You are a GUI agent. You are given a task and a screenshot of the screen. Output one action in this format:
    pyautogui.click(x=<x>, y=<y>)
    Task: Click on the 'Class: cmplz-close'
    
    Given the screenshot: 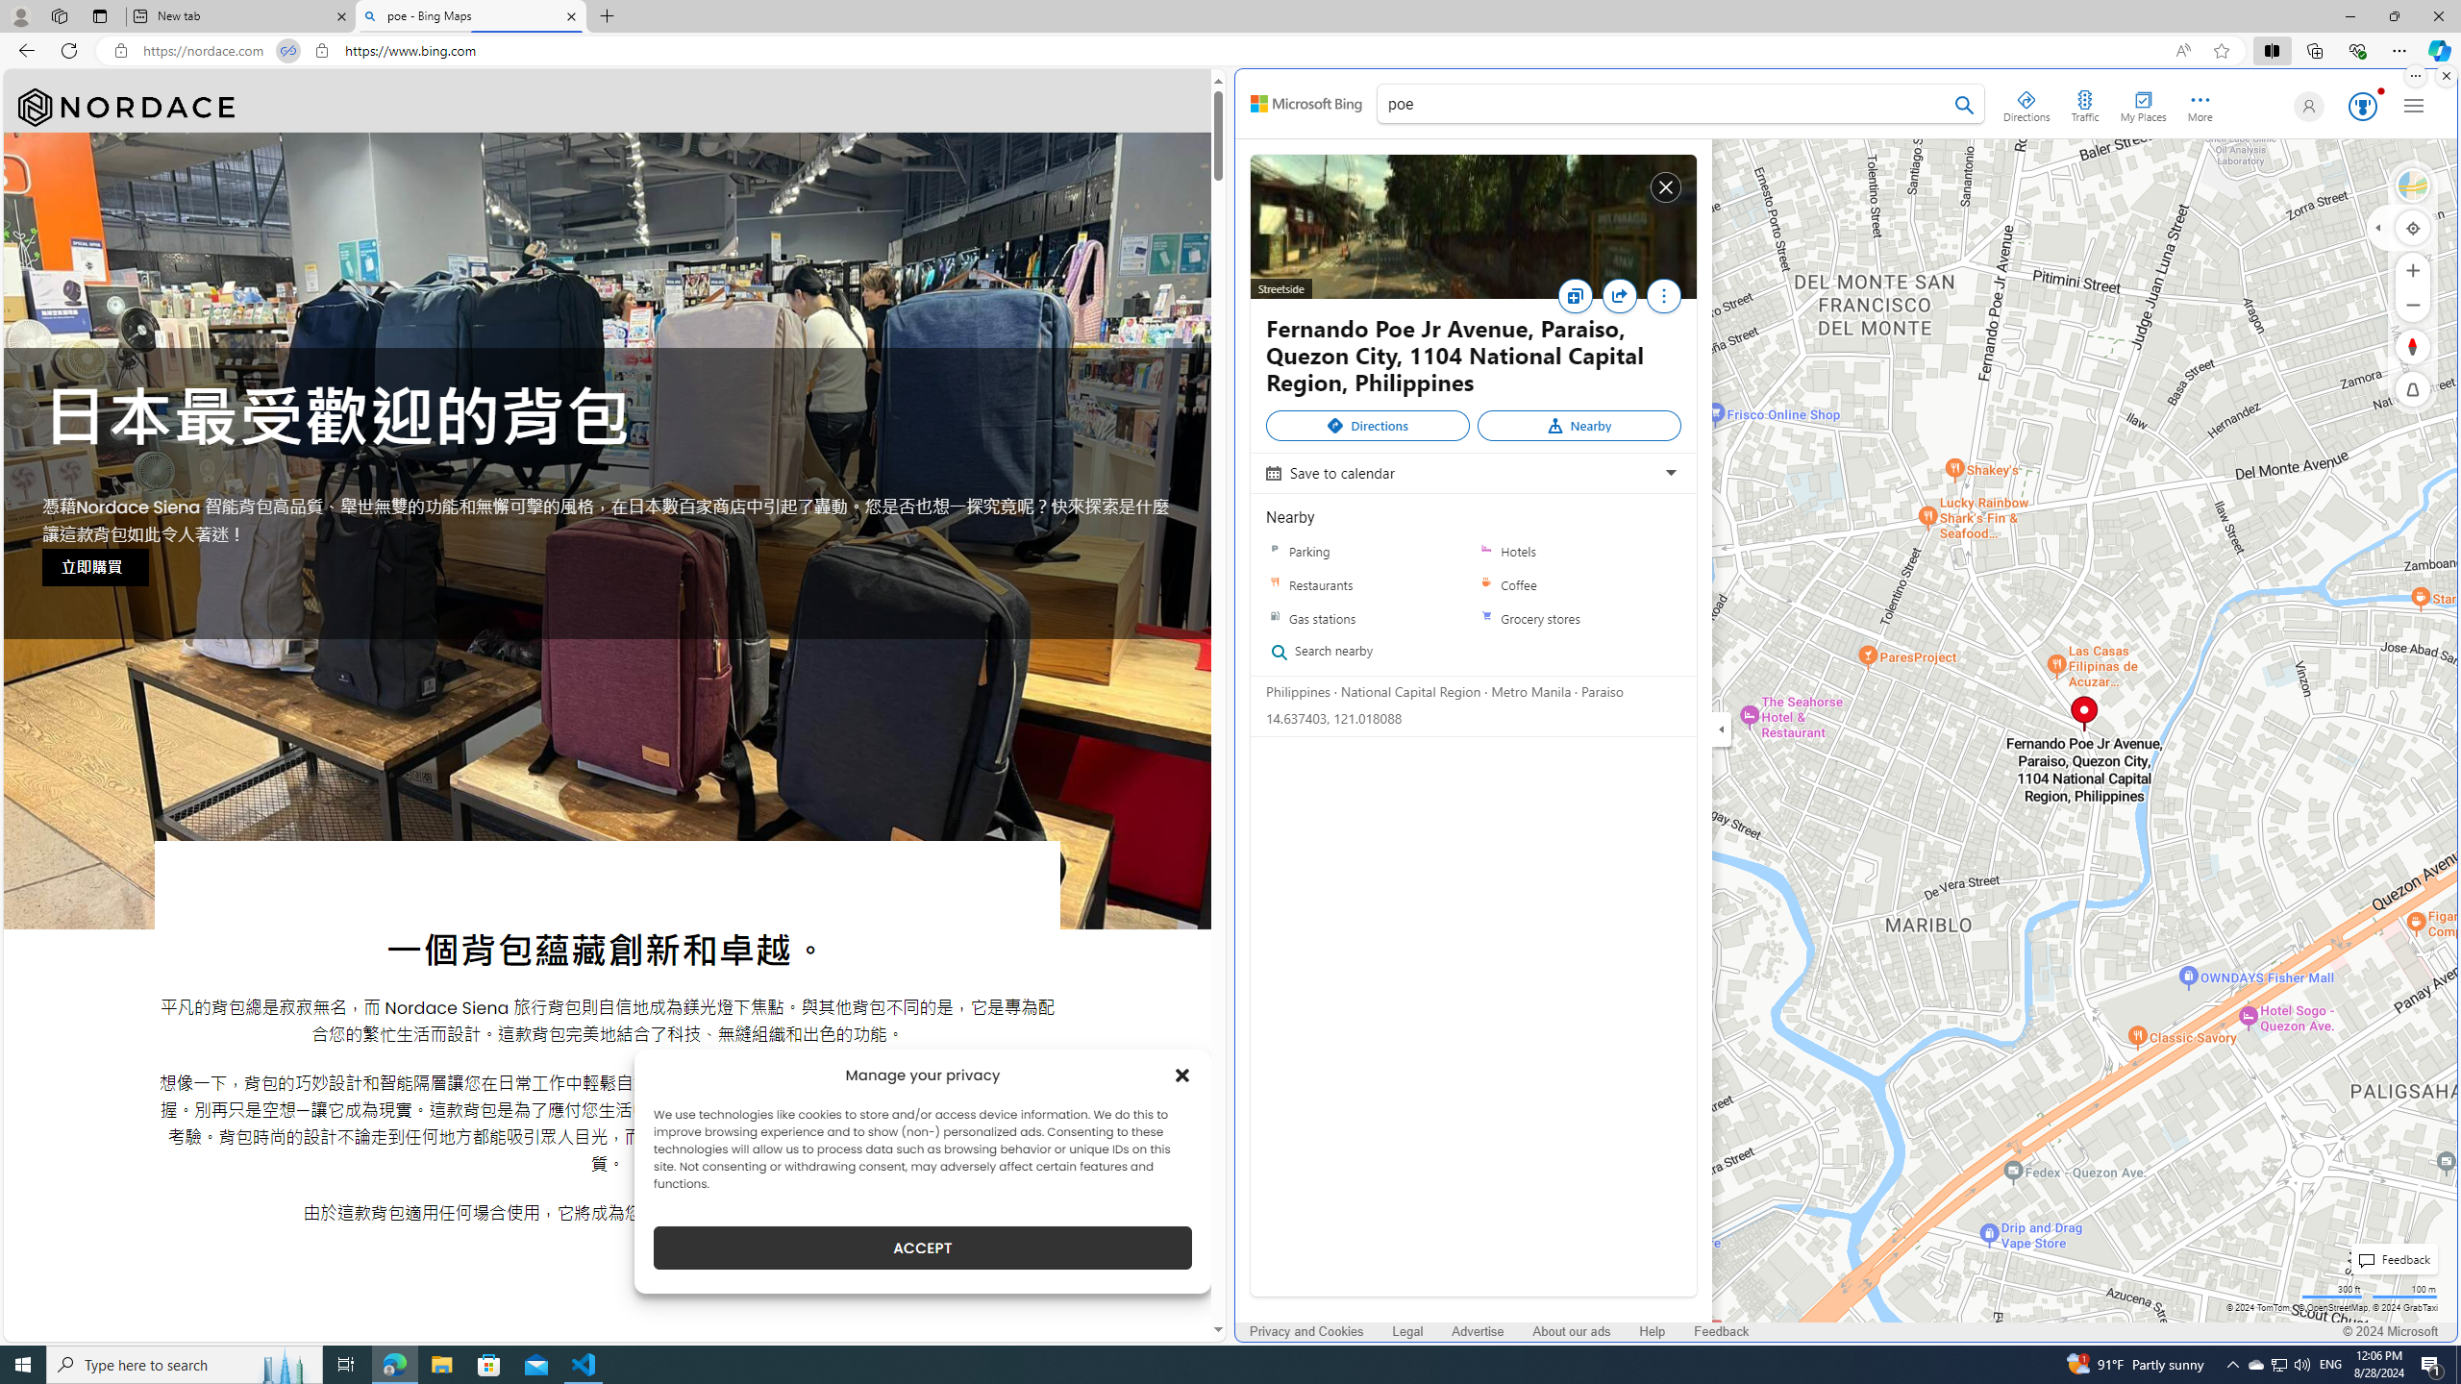 What is the action you would take?
    pyautogui.click(x=1182, y=1075)
    